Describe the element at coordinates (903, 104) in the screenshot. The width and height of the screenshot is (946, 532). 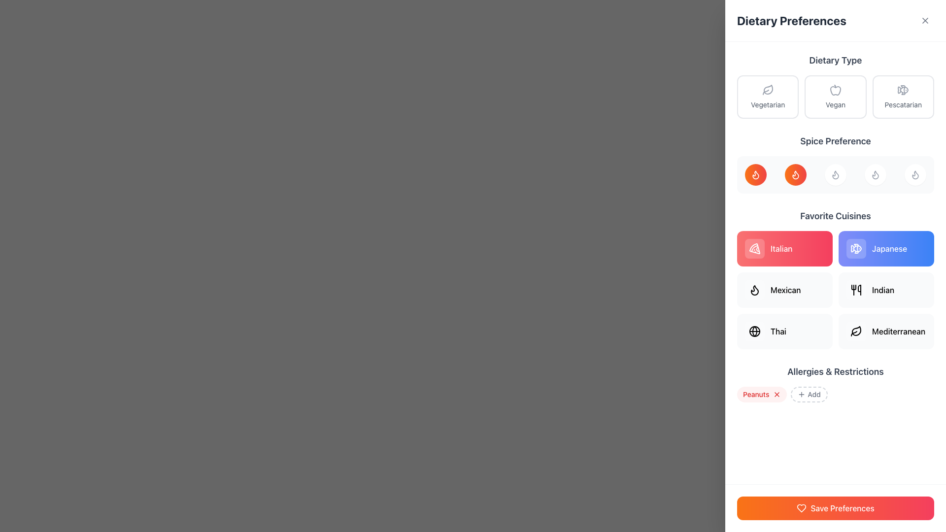
I see `the 'Pescatarian' dietary type label in the 'Dietary Preferences' form, which is the third option in the list after 'Vegetarian' and 'Vegan'` at that location.